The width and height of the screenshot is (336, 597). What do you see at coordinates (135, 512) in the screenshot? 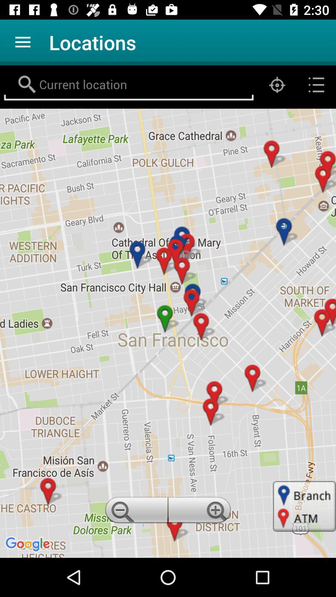
I see `zoom out` at bounding box center [135, 512].